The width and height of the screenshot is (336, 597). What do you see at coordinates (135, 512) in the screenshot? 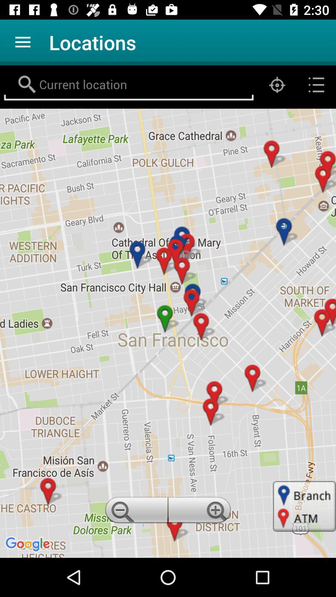
I see `zoom out` at bounding box center [135, 512].